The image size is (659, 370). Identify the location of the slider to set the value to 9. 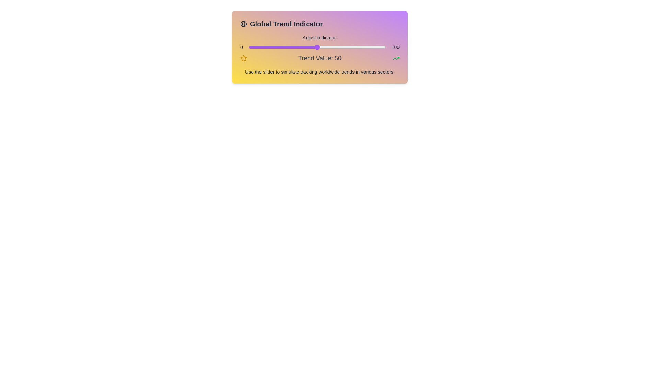
(260, 47).